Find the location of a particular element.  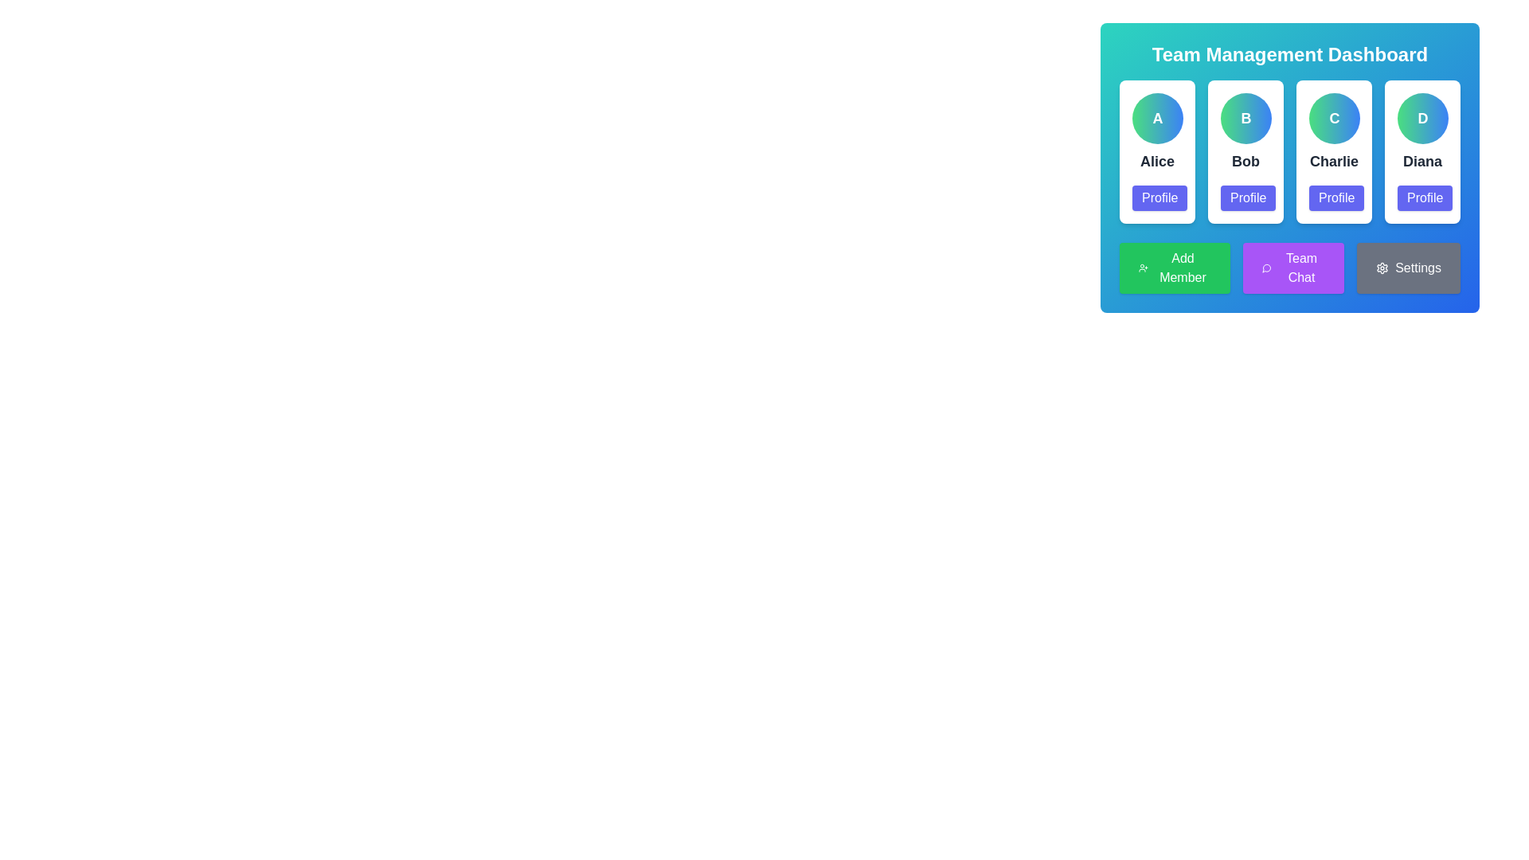

the user profile display for 'Alice' is located at coordinates (1157, 152).